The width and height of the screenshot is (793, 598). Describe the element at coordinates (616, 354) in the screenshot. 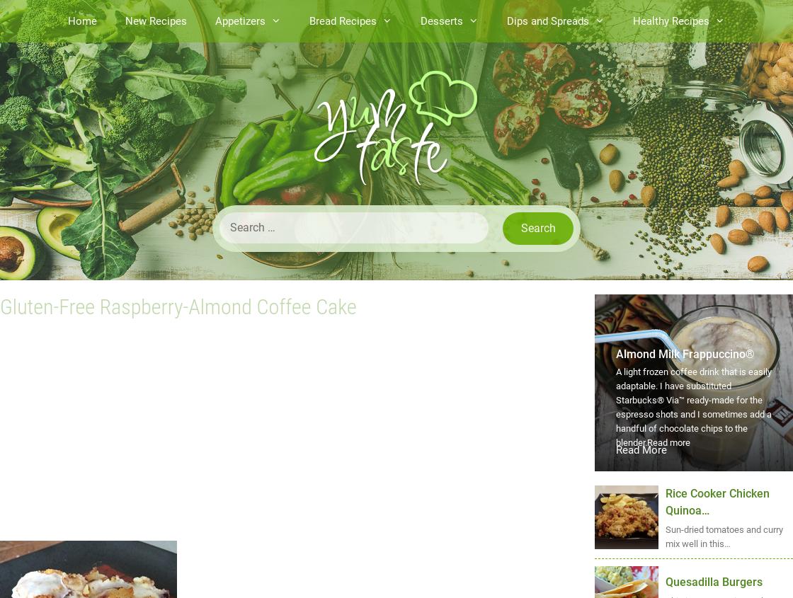

I see `'Almond Milk Frappuccino®'` at that location.